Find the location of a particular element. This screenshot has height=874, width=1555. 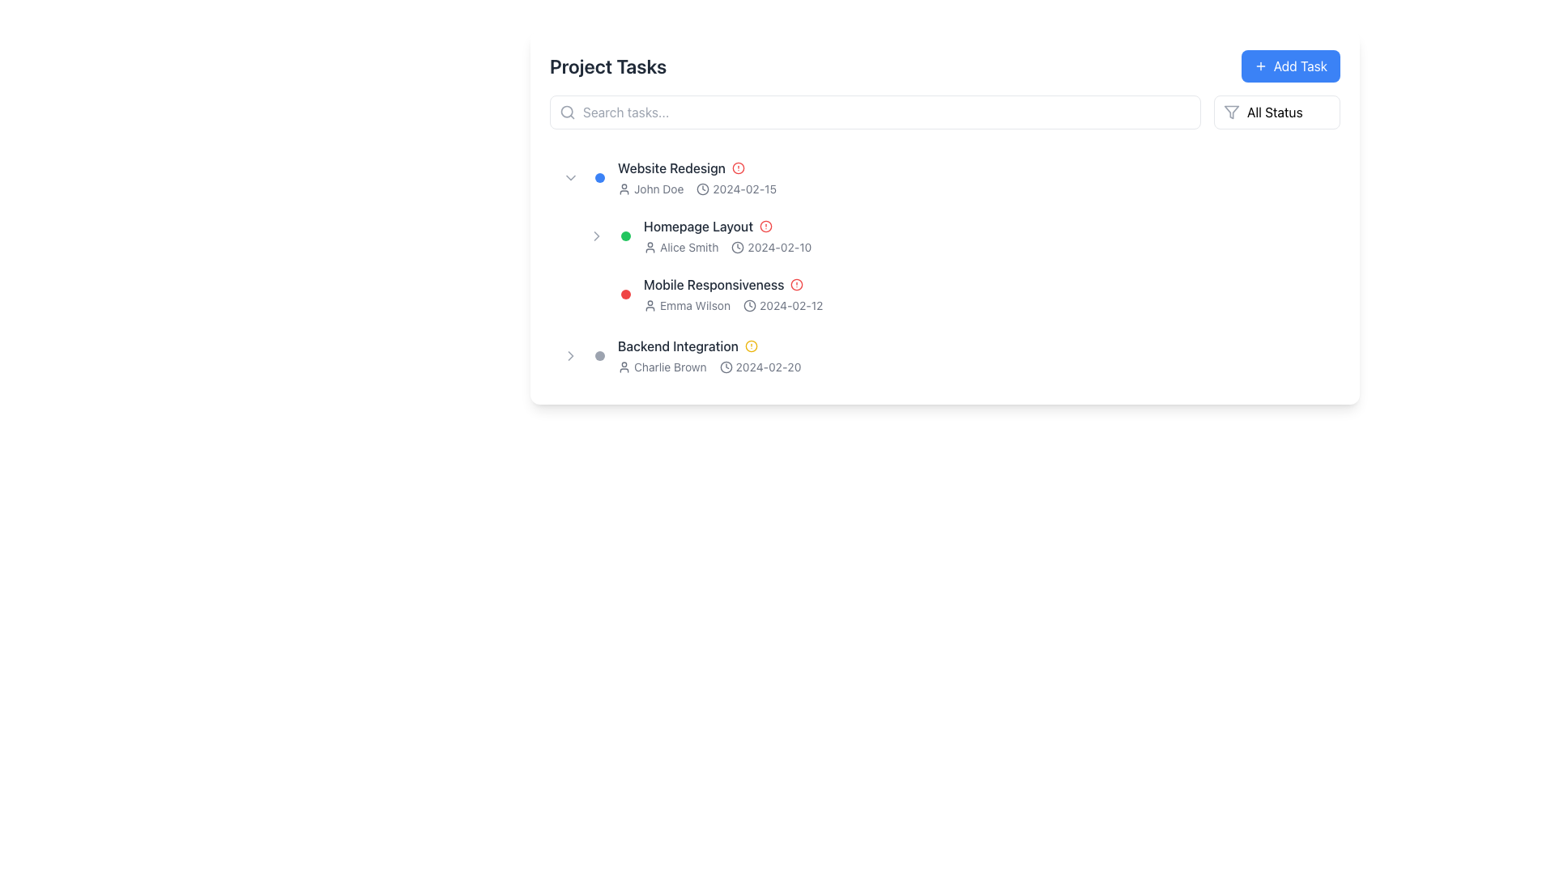

the Task list item titled 'Homepage Layout' associated with 'Alice Smith' is located at coordinates (944, 236).